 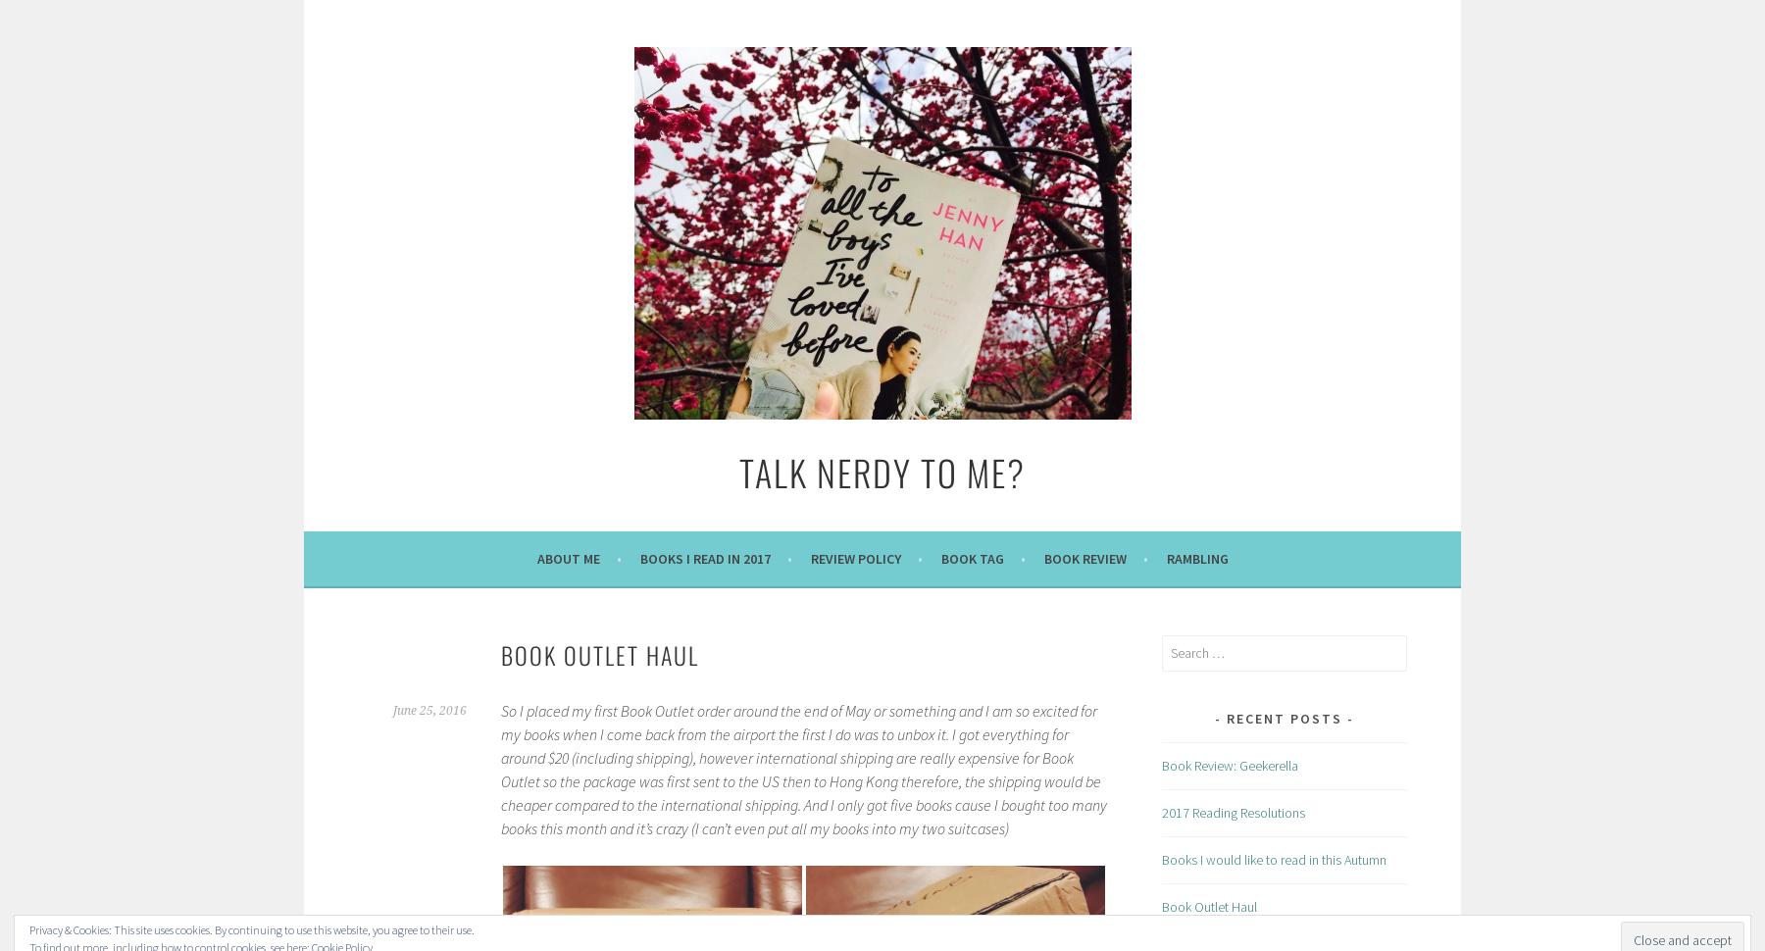 What do you see at coordinates (882, 471) in the screenshot?
I see `'Talk Nerdy To me?'` at bounding box center [882, 471].